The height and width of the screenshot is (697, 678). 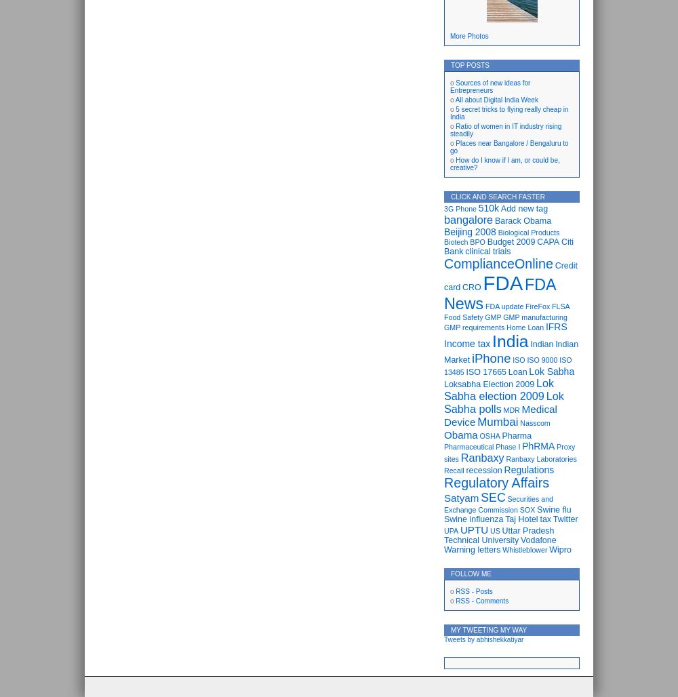 I want to click on 'More Photos', so click(x=468, y=36).